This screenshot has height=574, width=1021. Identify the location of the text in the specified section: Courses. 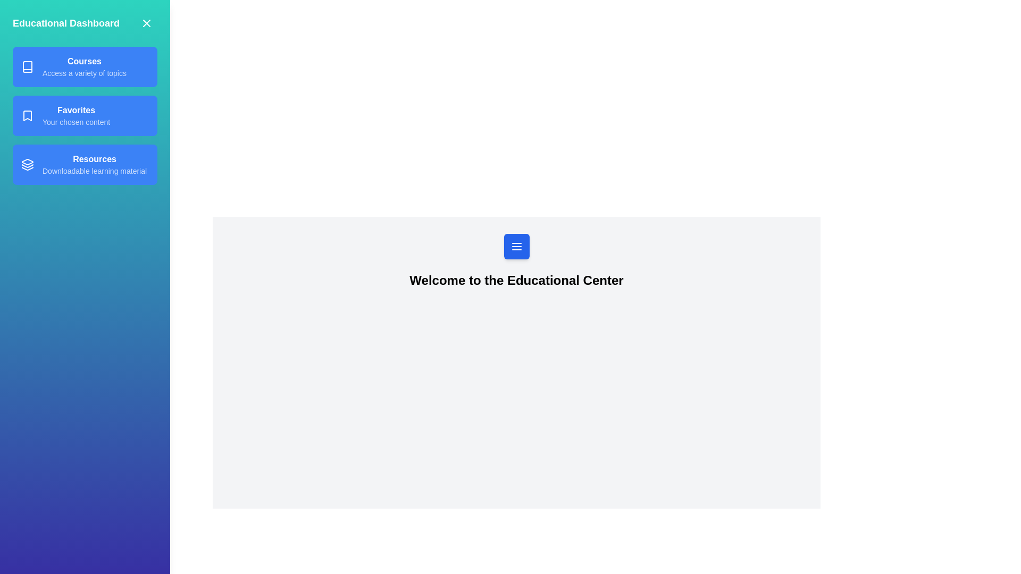
(84, 67).